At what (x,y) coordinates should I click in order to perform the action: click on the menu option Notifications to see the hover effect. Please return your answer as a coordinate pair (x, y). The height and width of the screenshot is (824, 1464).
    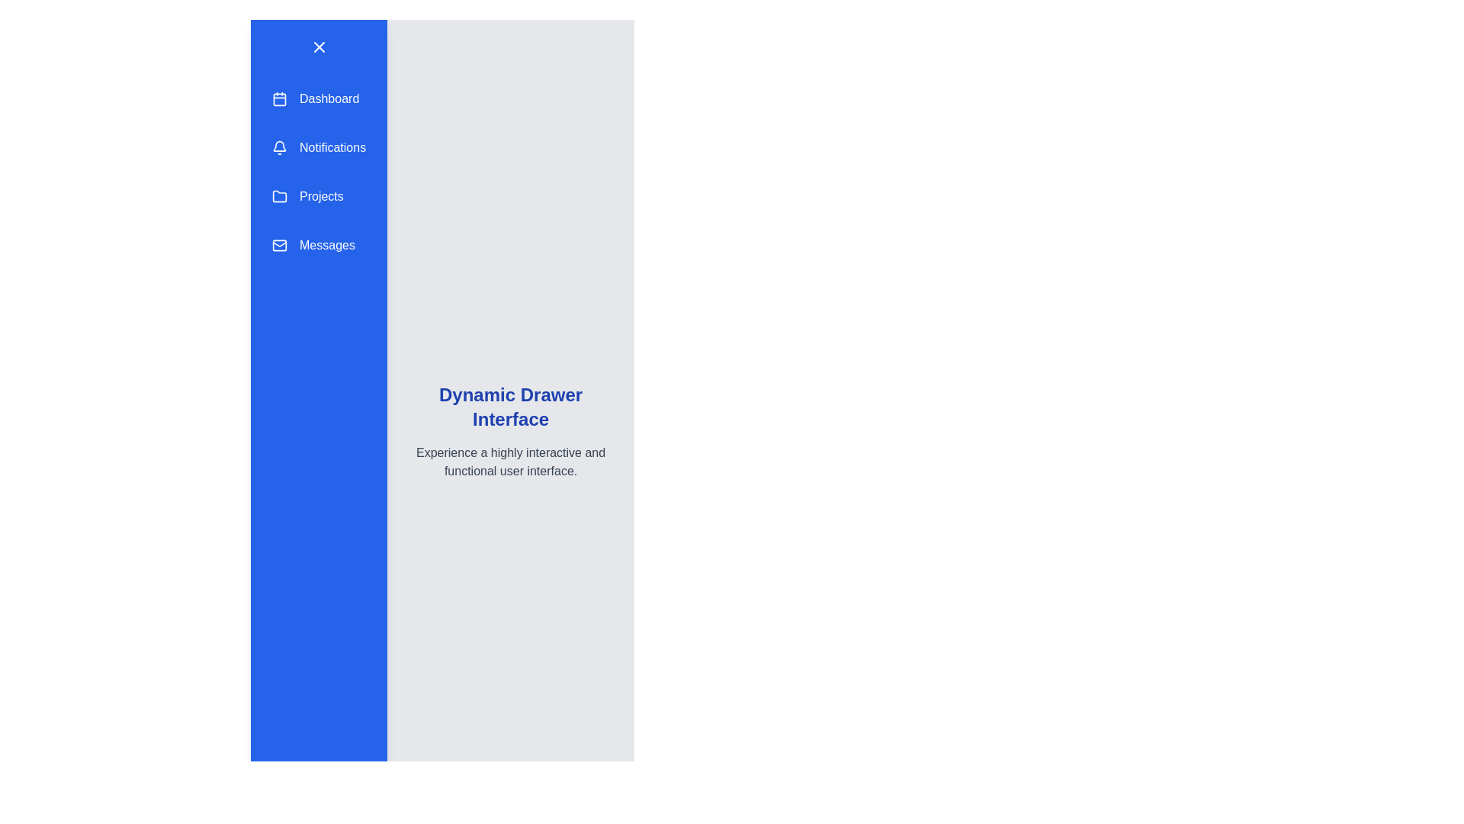
    Looking at the image, I should click on (318, 147).